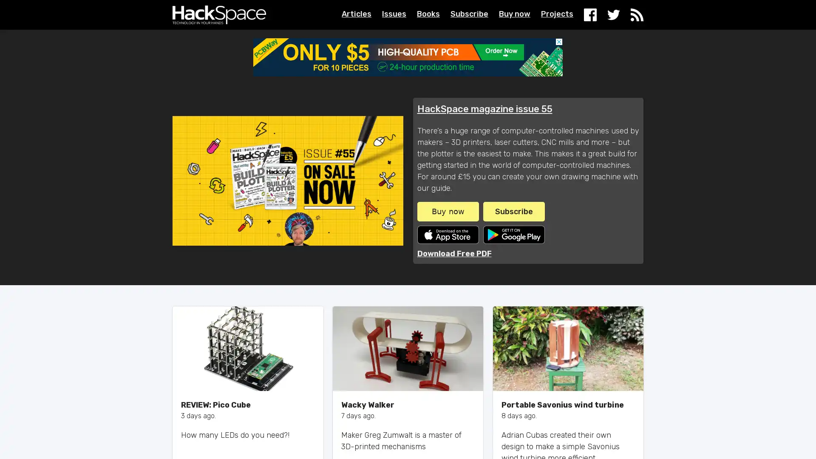 This screenshot has height=459, width=816. What do you see at coordinates (447, 211) in the screenshot?
I see `Buy now` at bounding box center [447, 211].